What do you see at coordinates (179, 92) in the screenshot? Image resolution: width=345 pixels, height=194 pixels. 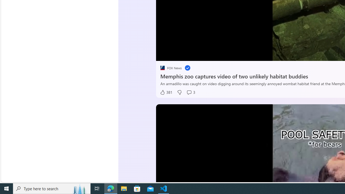 I see `'Dislike'` at bounding box center [179, 92].